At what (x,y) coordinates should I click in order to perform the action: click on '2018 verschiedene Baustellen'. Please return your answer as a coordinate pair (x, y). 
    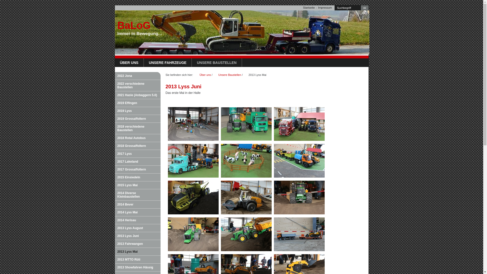
    Looking at the image, I should click on (137, 128).